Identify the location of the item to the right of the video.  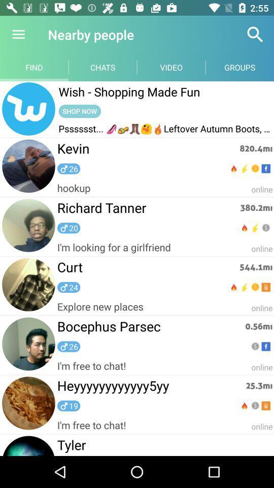
(255, 35).